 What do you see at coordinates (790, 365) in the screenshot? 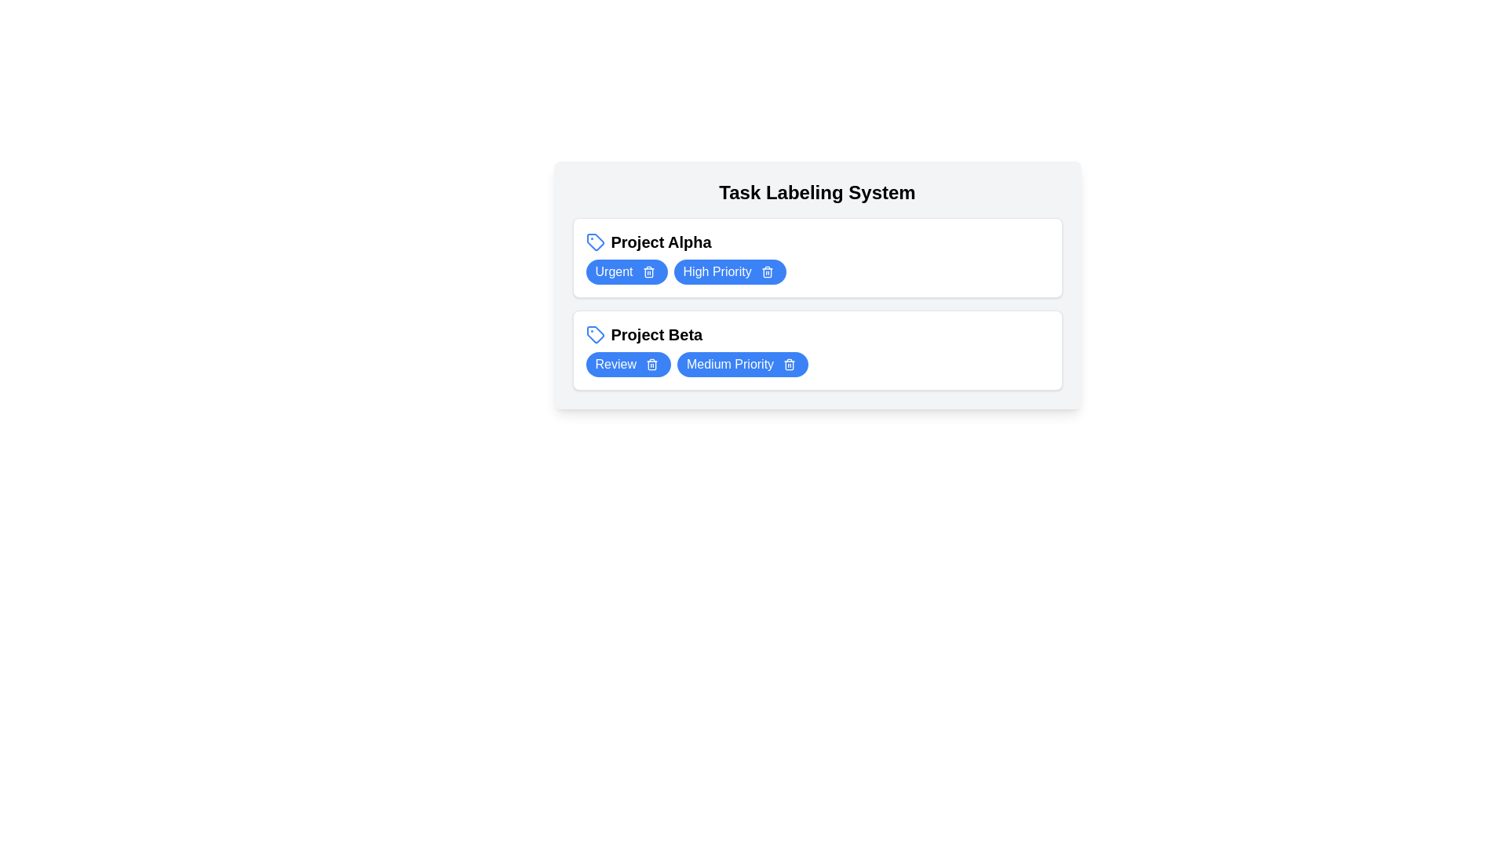
I see `the trash icon associated with the tag Medium Priority in project Project Beta` at bounding box center [790, 365].